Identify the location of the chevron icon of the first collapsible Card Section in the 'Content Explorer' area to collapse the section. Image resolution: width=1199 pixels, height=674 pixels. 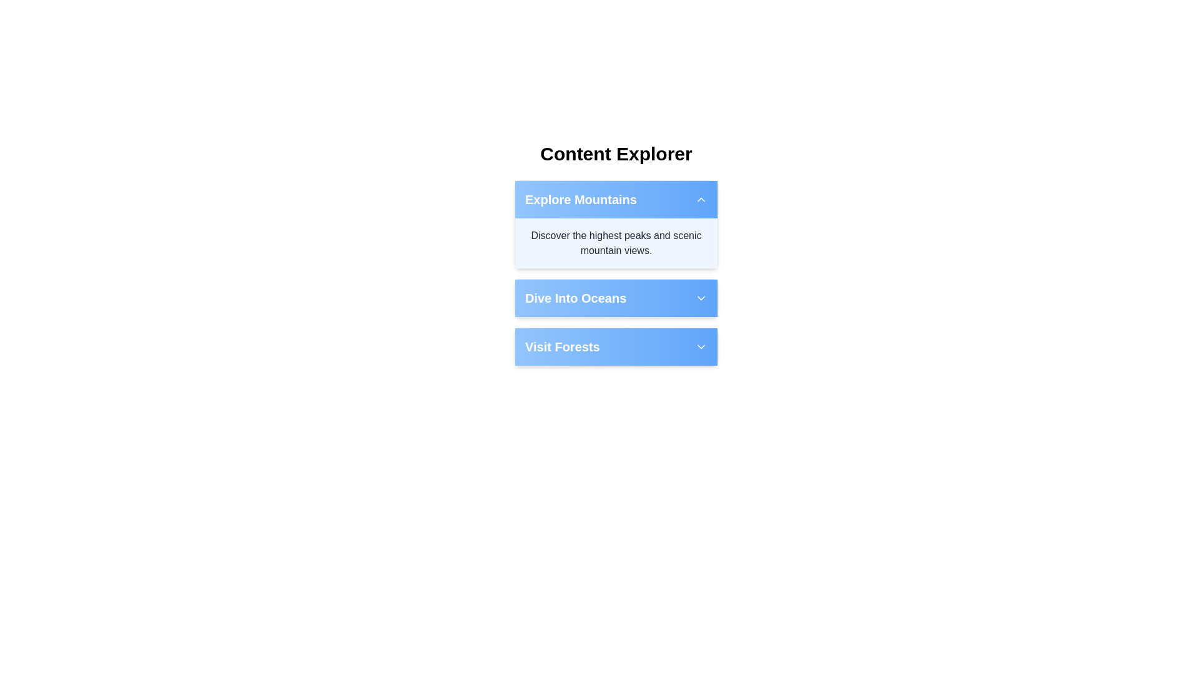
(616, 273).